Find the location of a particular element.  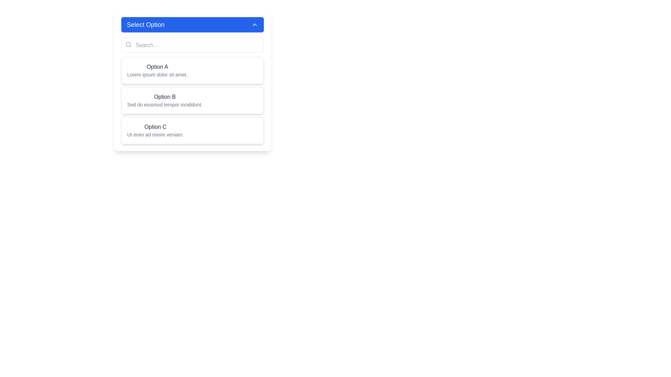

the functionality of the search input field associated with the magnifying glass icon located on the left side of the input field is located at coordinates (129, 44).